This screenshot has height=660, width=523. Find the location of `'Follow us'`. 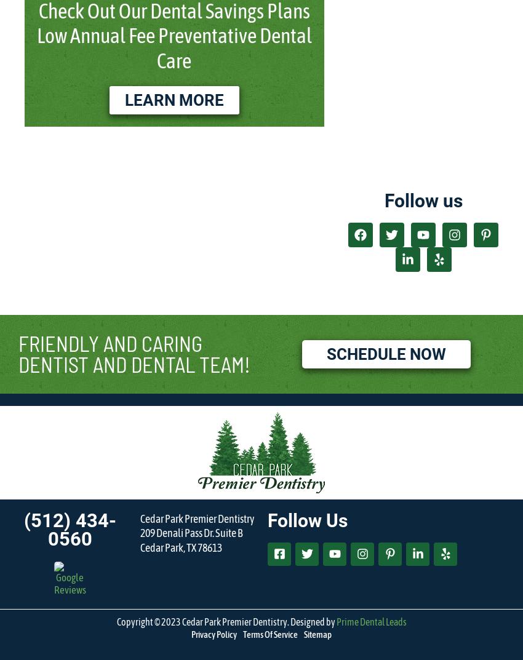

'Follow us' is located at coordinates (383, 200).